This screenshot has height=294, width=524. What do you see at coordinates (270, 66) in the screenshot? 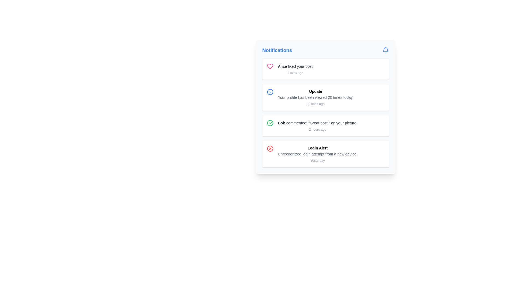
I see `the heart outline icon styled with a pink stroke, which is located within the notification card displaying 'Alice liked your post'` at bounding box center [270, 66].